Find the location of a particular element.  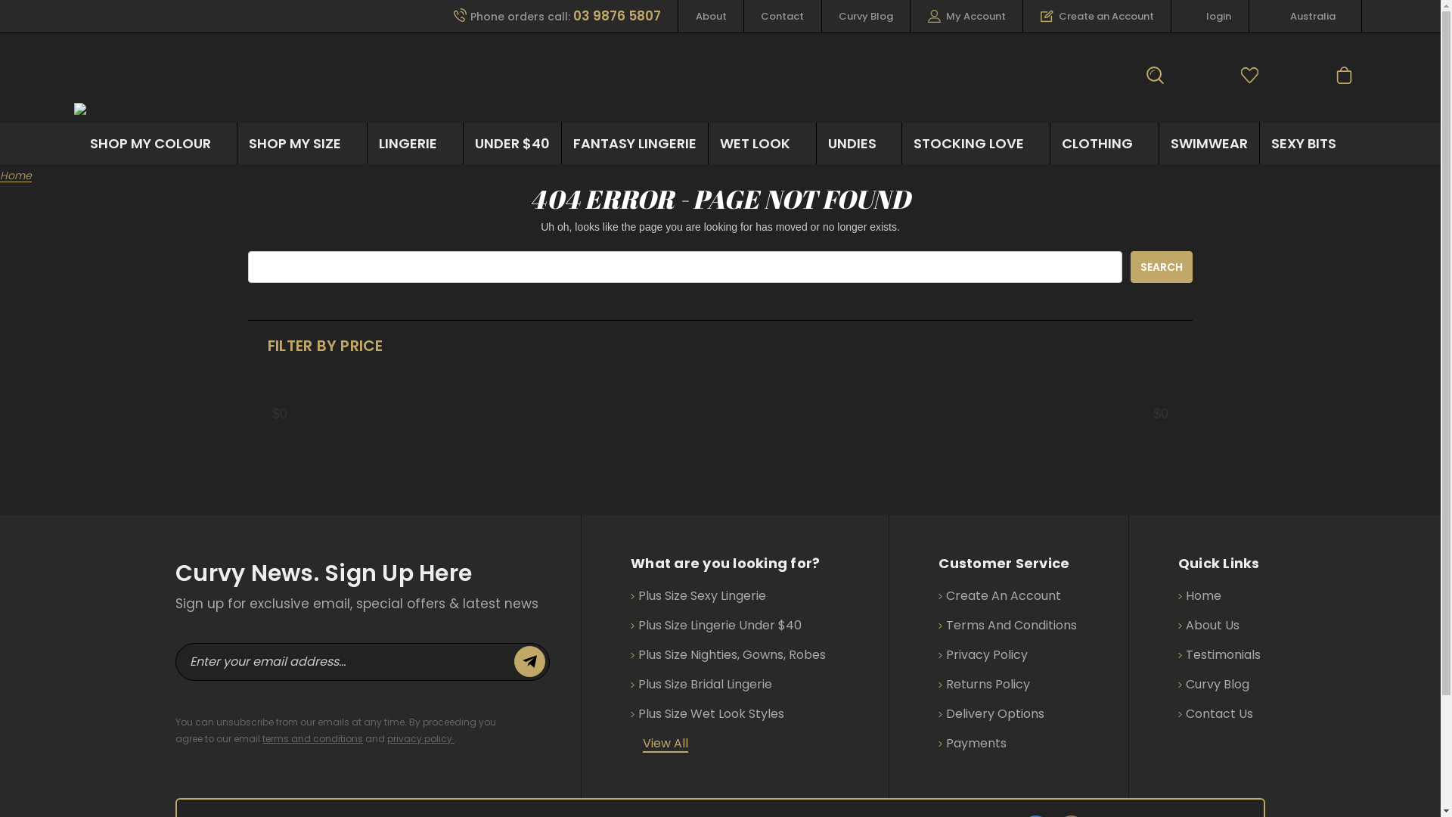

'Curvy Blog' is located at coordinates (866, 16).